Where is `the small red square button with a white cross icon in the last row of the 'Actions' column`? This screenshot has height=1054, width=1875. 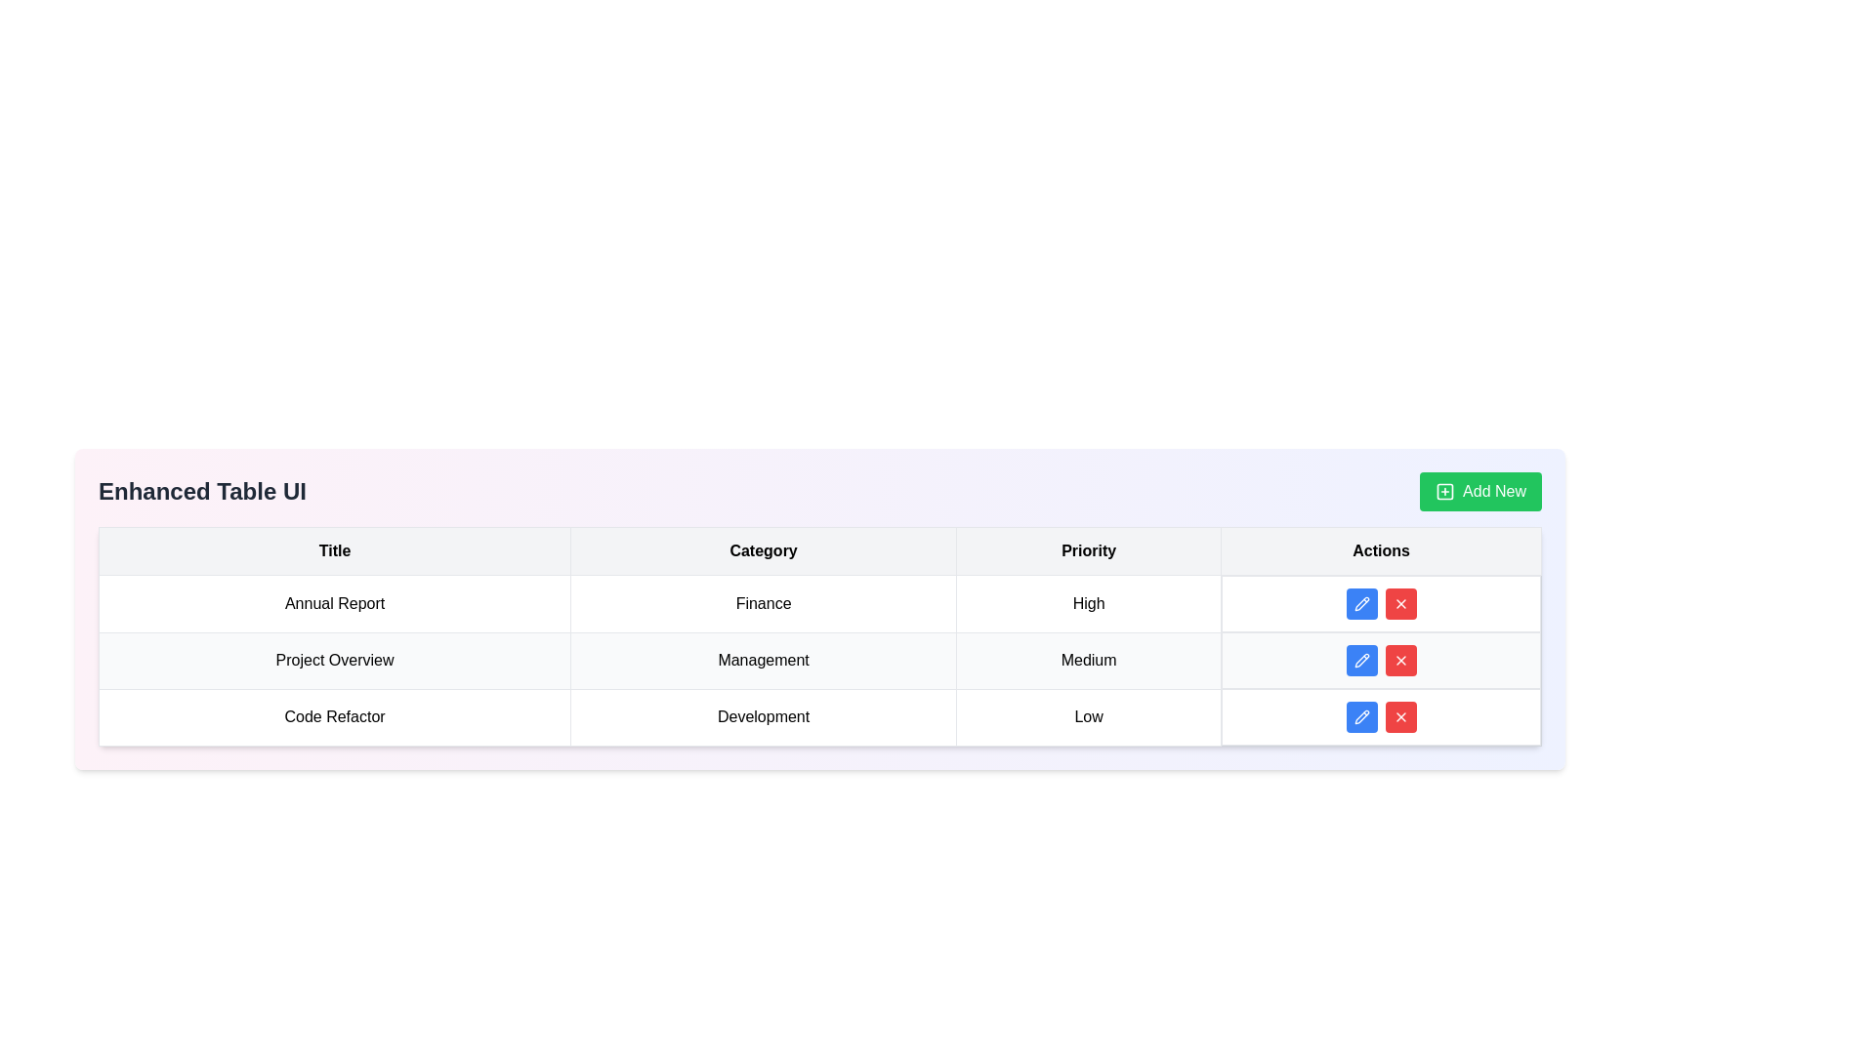
the small red square button with a white cross icon in the last row of the 'Actions' column is located at coordinates (1399, 717).